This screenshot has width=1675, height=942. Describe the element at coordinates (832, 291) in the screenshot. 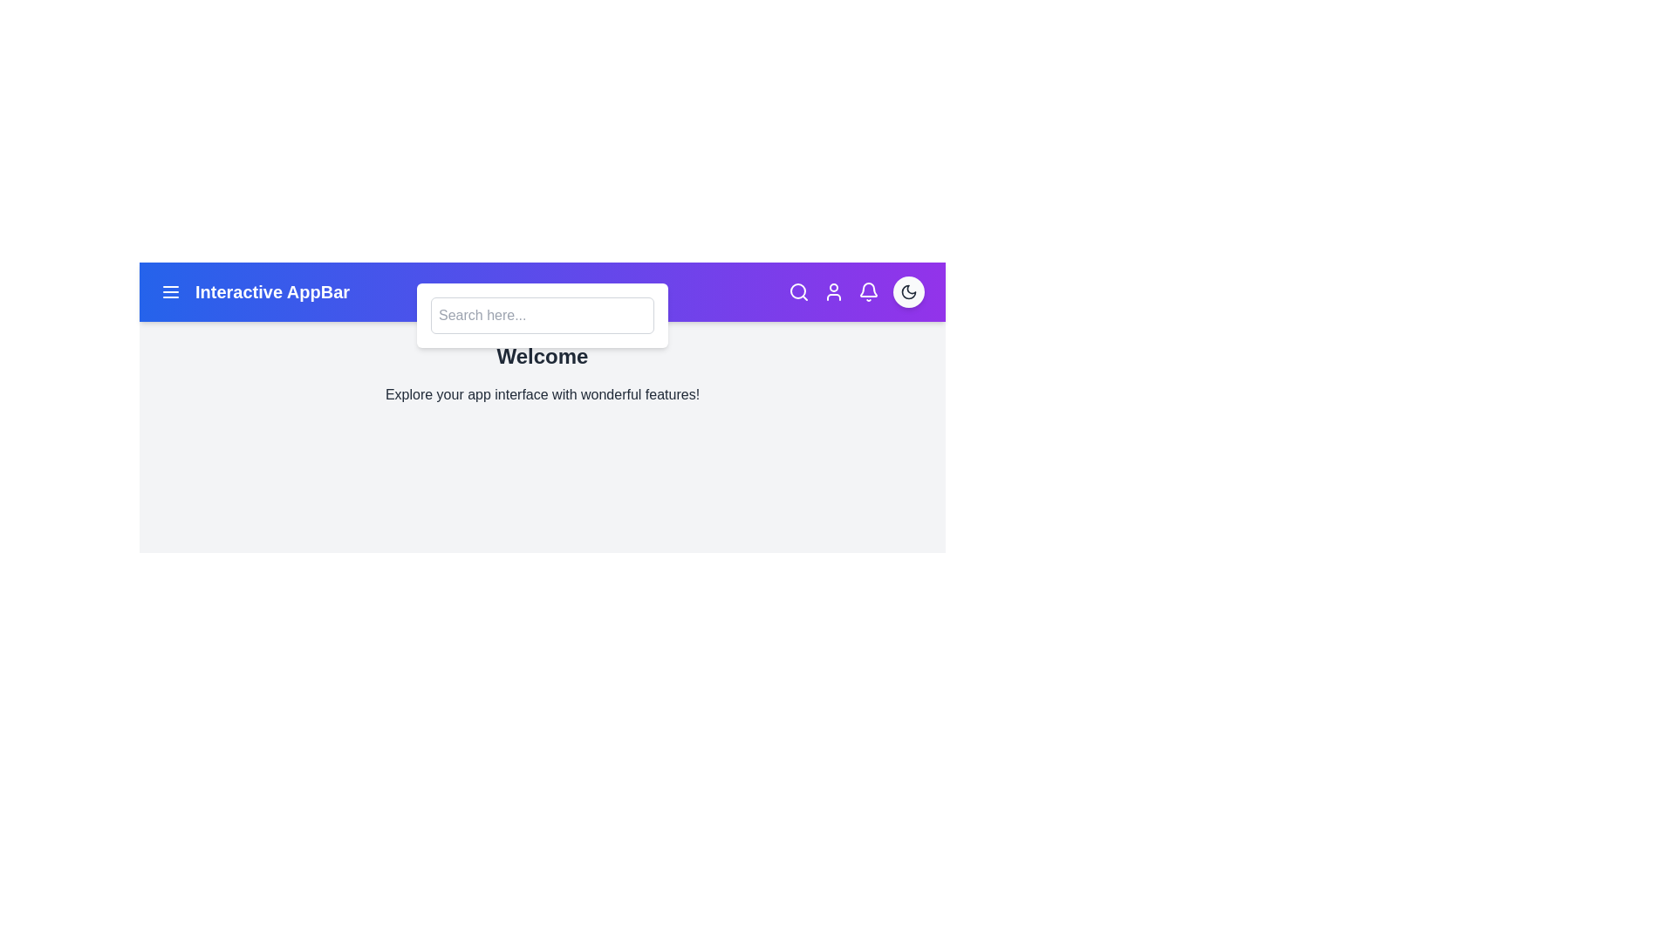

I see `the user profile icon in the app bar` at that location.